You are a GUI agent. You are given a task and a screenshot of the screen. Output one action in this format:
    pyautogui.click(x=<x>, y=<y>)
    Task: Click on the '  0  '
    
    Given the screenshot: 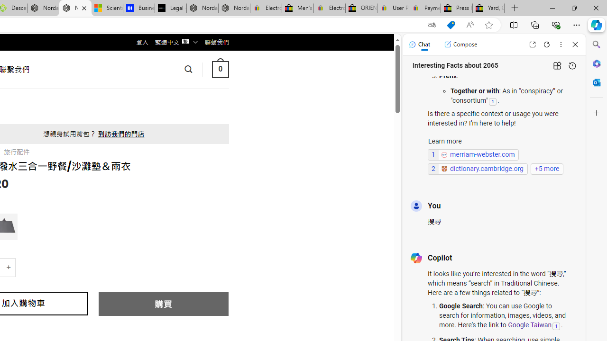 What is the action you would take?
    pyautogui.click(x=220, y=69)
    